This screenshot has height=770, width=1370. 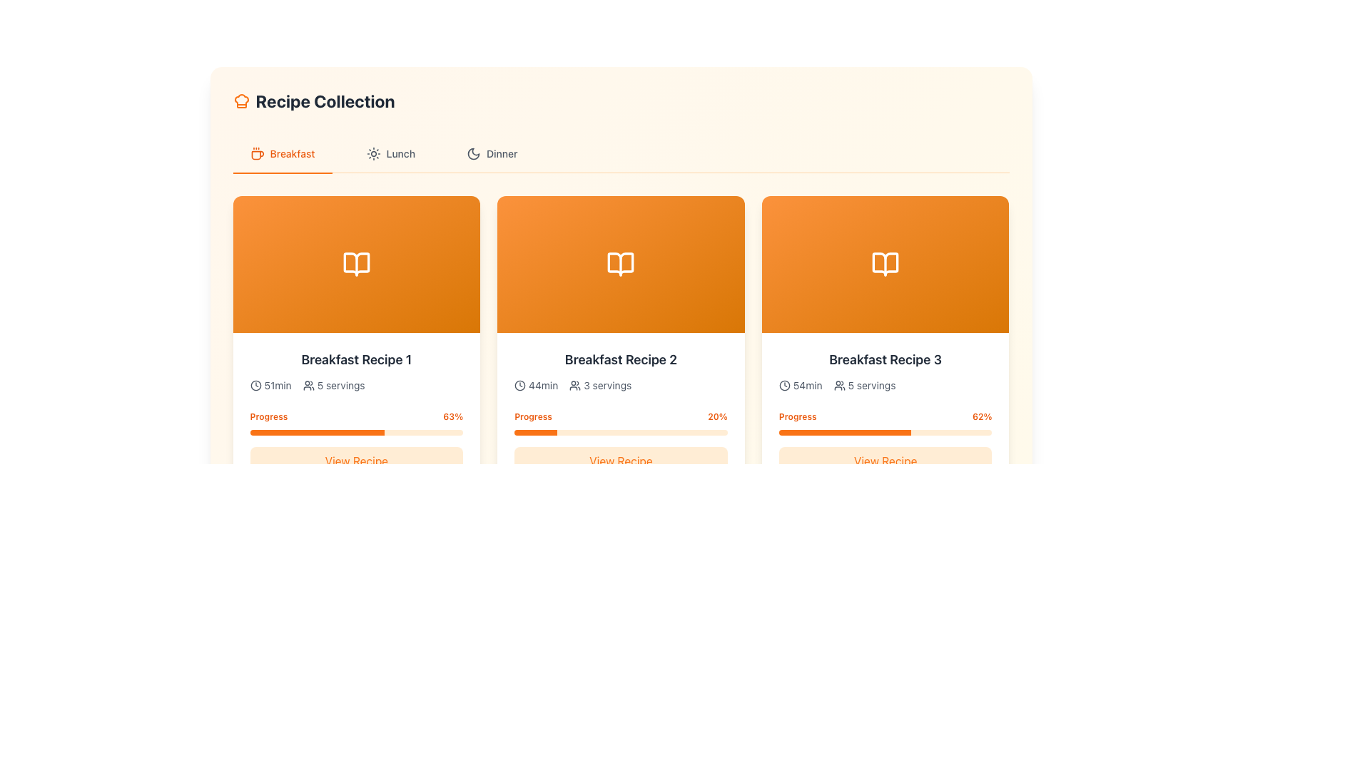 I want to click on the 'Progress' text label, which is styled in a small orange font and located above the progress bar in the 'Breakfast Recipe 2' section, so click(x=532, y=415).